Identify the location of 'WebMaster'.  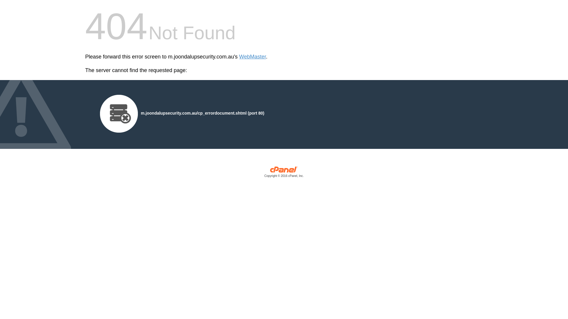
(239, 57).